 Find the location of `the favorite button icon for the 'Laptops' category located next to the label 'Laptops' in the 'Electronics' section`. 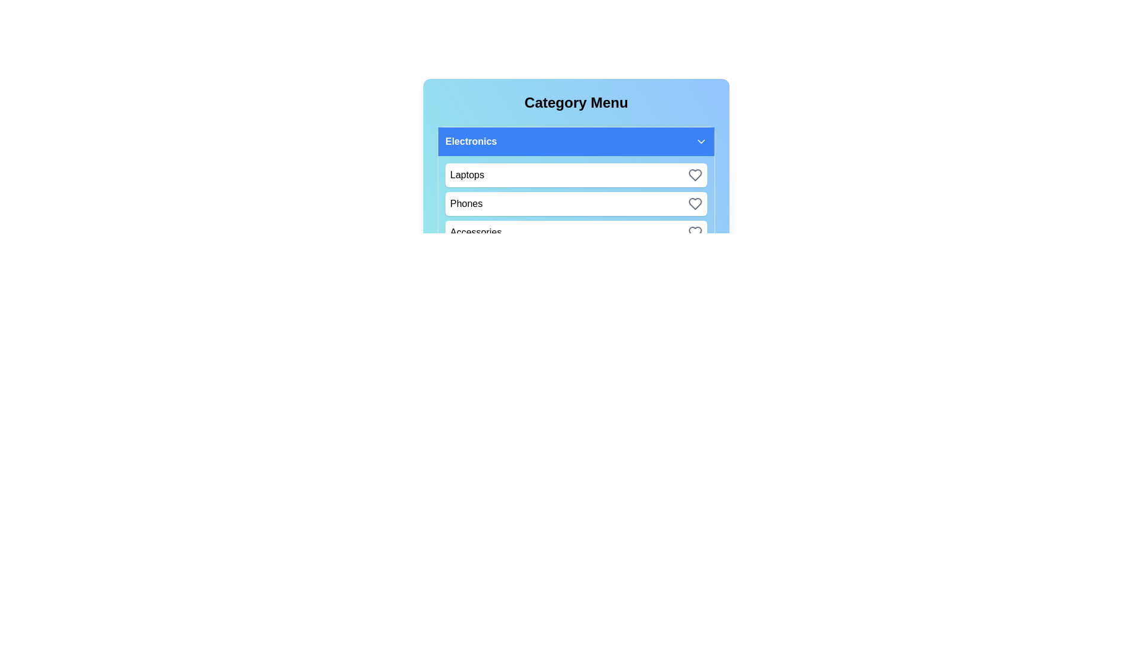

the favorite button icon for the 'Laptops' category located next to the label 'Laptops' in the 'Electronics' section is located at coordinates (695, 175).